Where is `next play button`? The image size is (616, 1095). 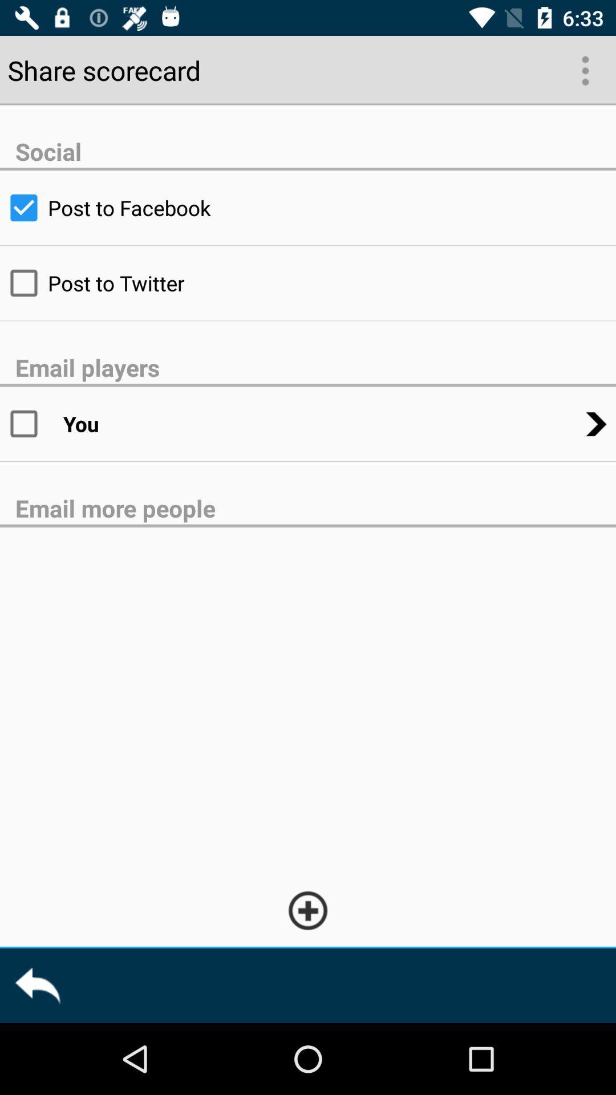
next play button is located at coordinates (584, 69).